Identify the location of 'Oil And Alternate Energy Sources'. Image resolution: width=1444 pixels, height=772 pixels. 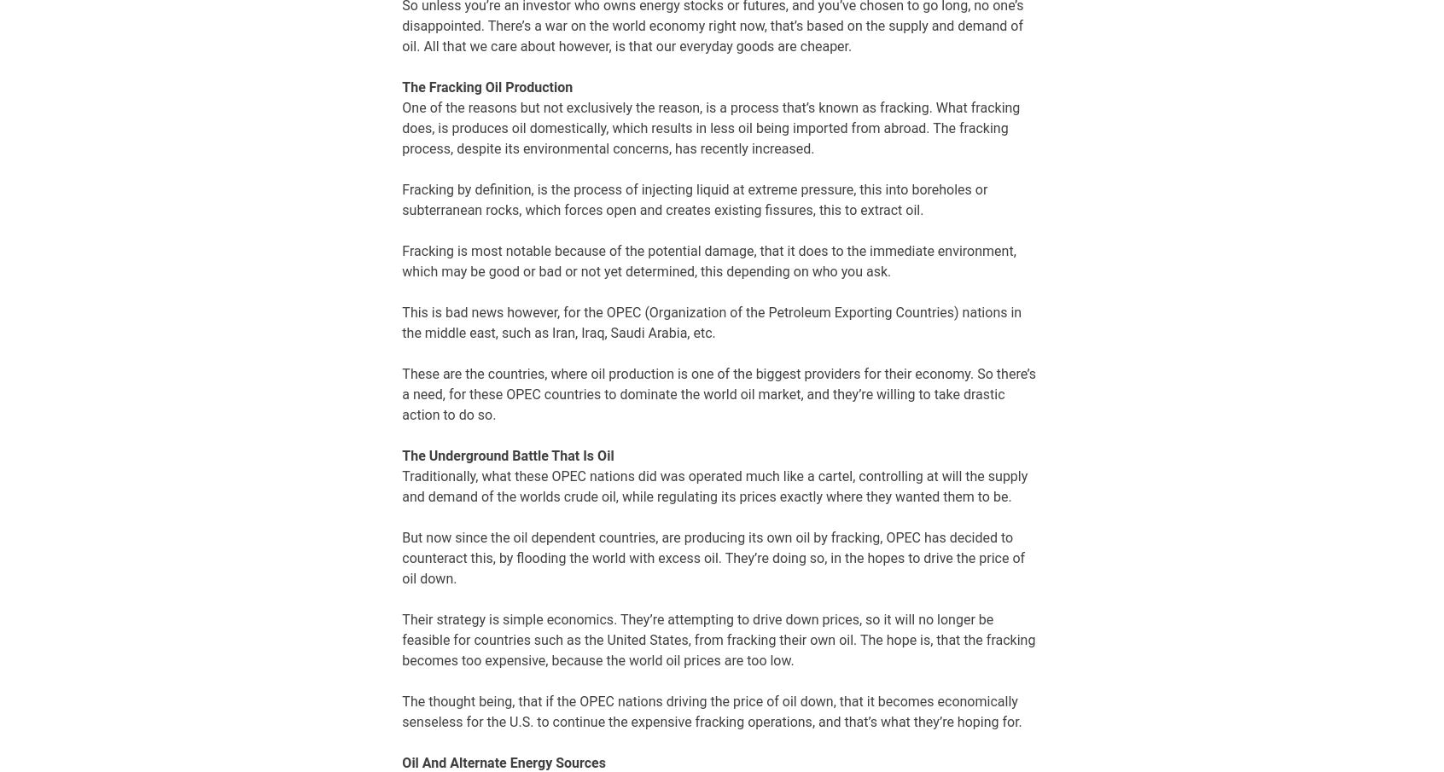
(503, 762).